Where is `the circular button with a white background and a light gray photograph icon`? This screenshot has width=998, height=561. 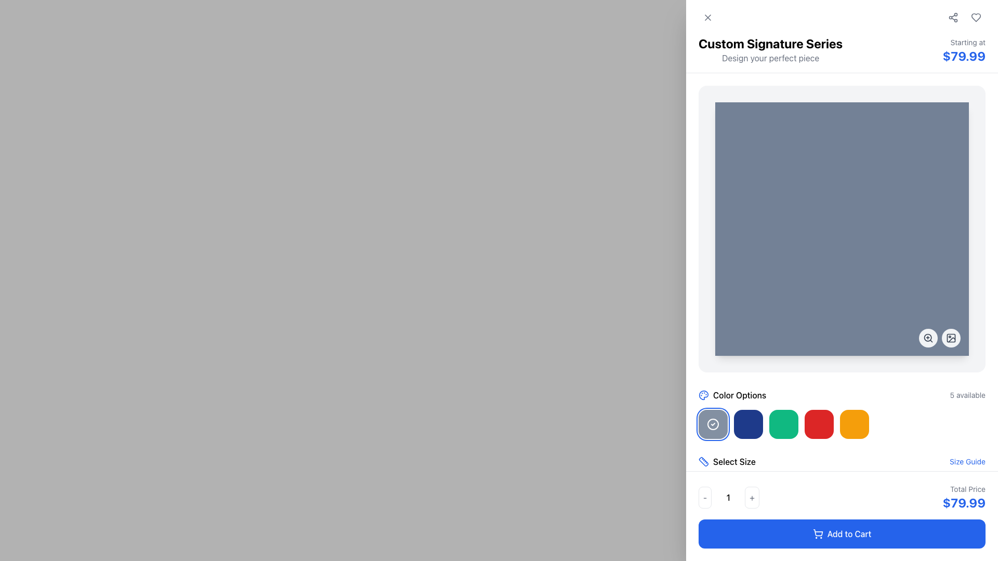
the circular button with a white background and a light gray photograph icon is located at coordinates (951, 338).